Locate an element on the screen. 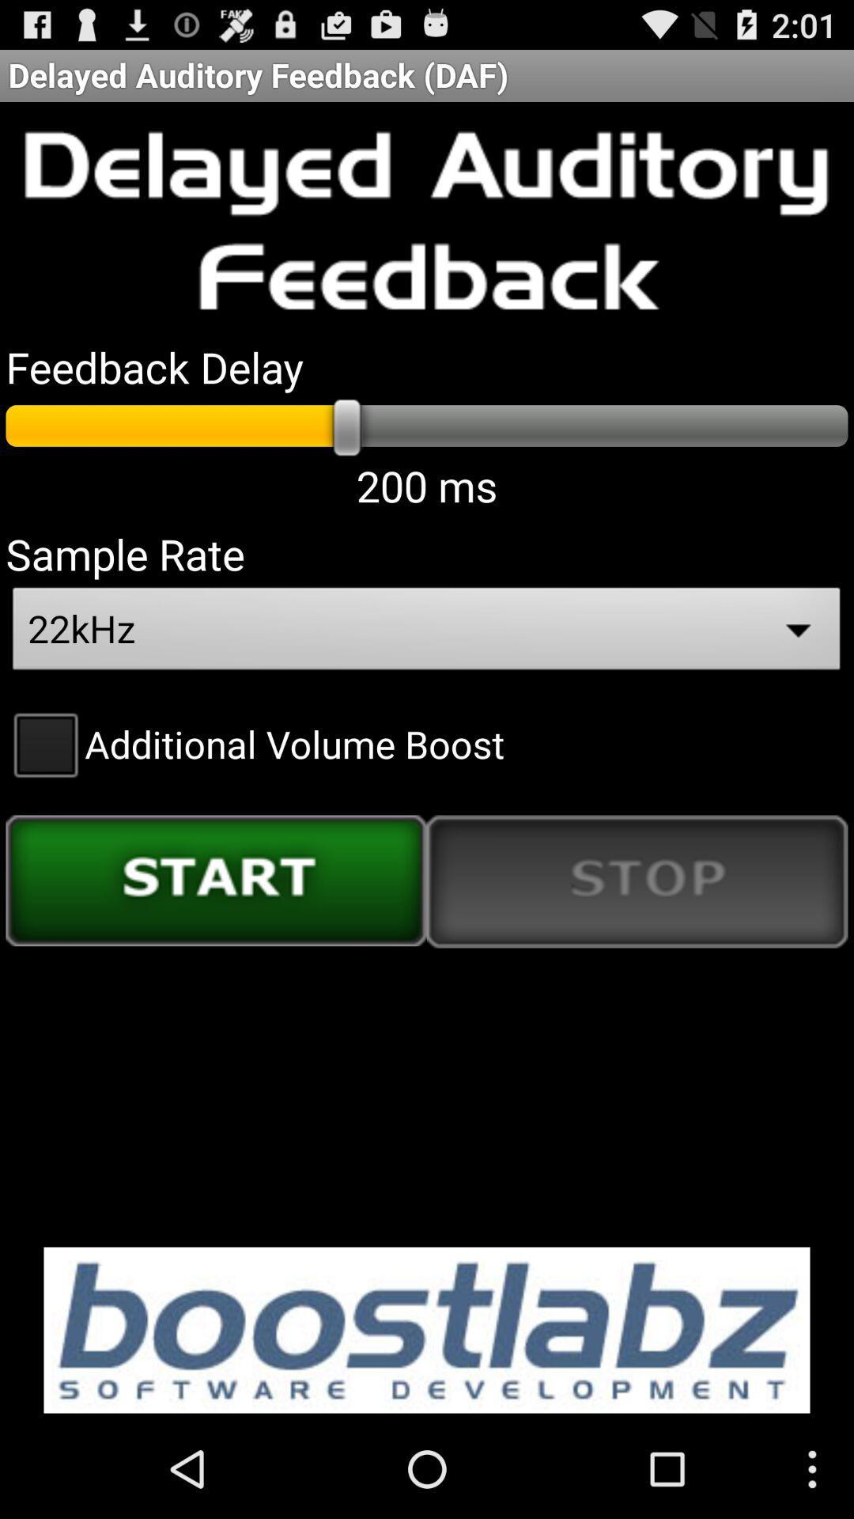 The image size is (854, 1519). additional volume boost item is located at coordinates (254, 743).